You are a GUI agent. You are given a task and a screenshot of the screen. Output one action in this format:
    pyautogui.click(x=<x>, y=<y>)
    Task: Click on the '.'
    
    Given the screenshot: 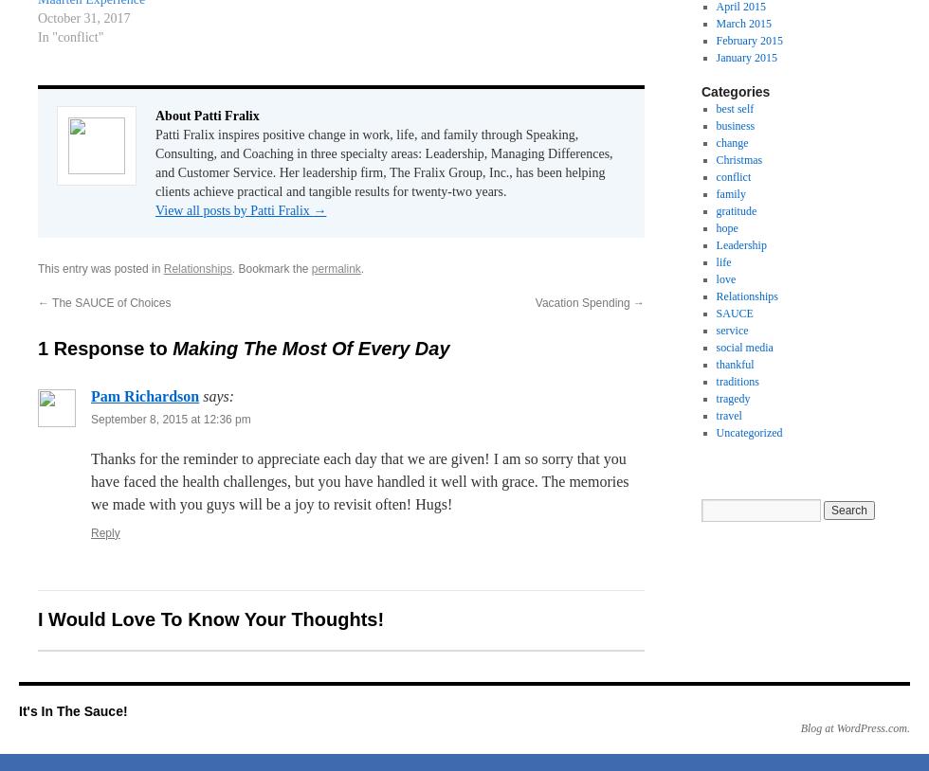 What is the action you would take?
    pyautogui.click(x=360, y=268)
    